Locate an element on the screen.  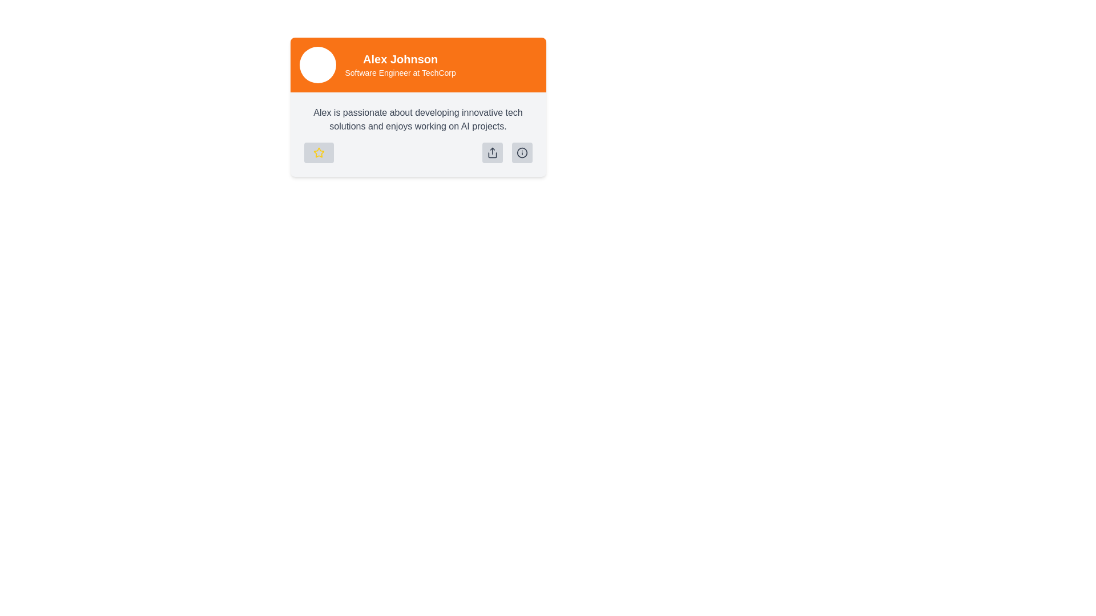
the circular icon located at the rightmost position among three icons in the footer of the card layout, which has a gray boundary and a center dot is located at coordinates (521, 152).